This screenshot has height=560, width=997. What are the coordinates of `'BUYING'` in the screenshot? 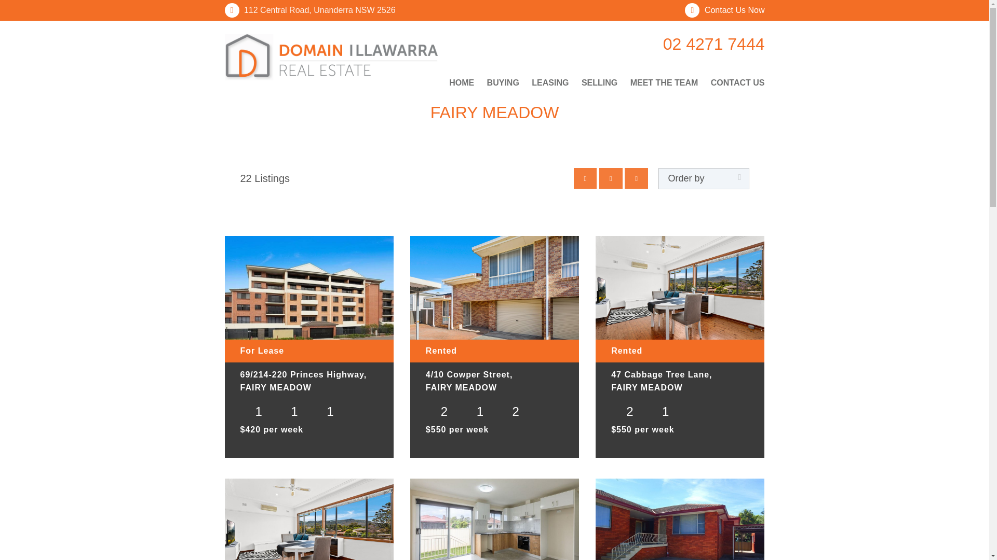 It's located at (503, 82).